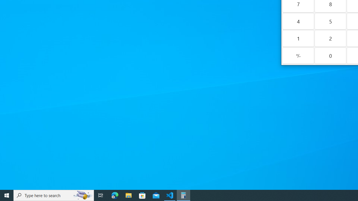 The image size is (358, 201). I want to click on 'Search highlights icon opens search home window', so click(82, 195).